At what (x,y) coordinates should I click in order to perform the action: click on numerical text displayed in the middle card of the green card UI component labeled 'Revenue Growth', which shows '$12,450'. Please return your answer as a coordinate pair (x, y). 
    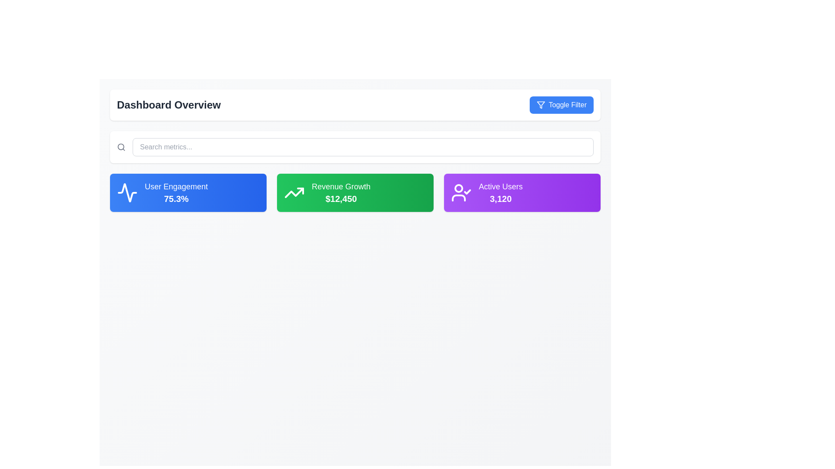
    Looking at the image, I should click on (341, 199).